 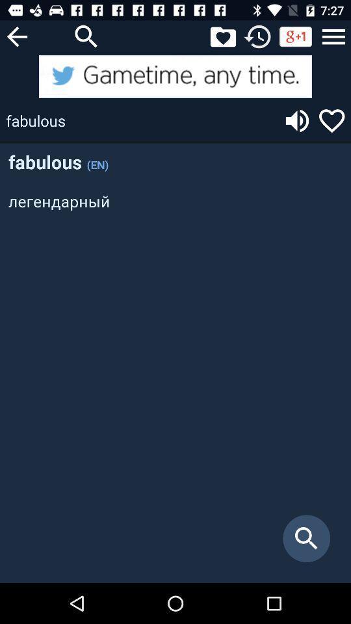 I want to click on search option, so click(x=86, y=36).